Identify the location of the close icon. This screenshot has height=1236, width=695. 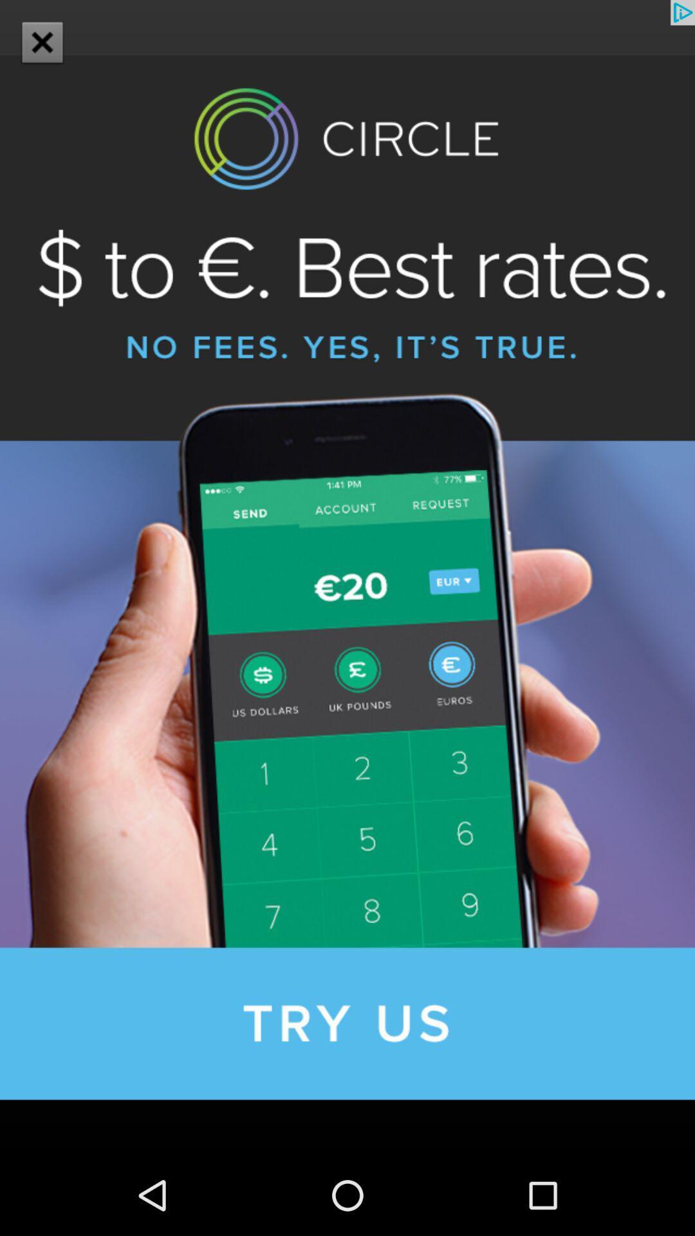
(41, 45).